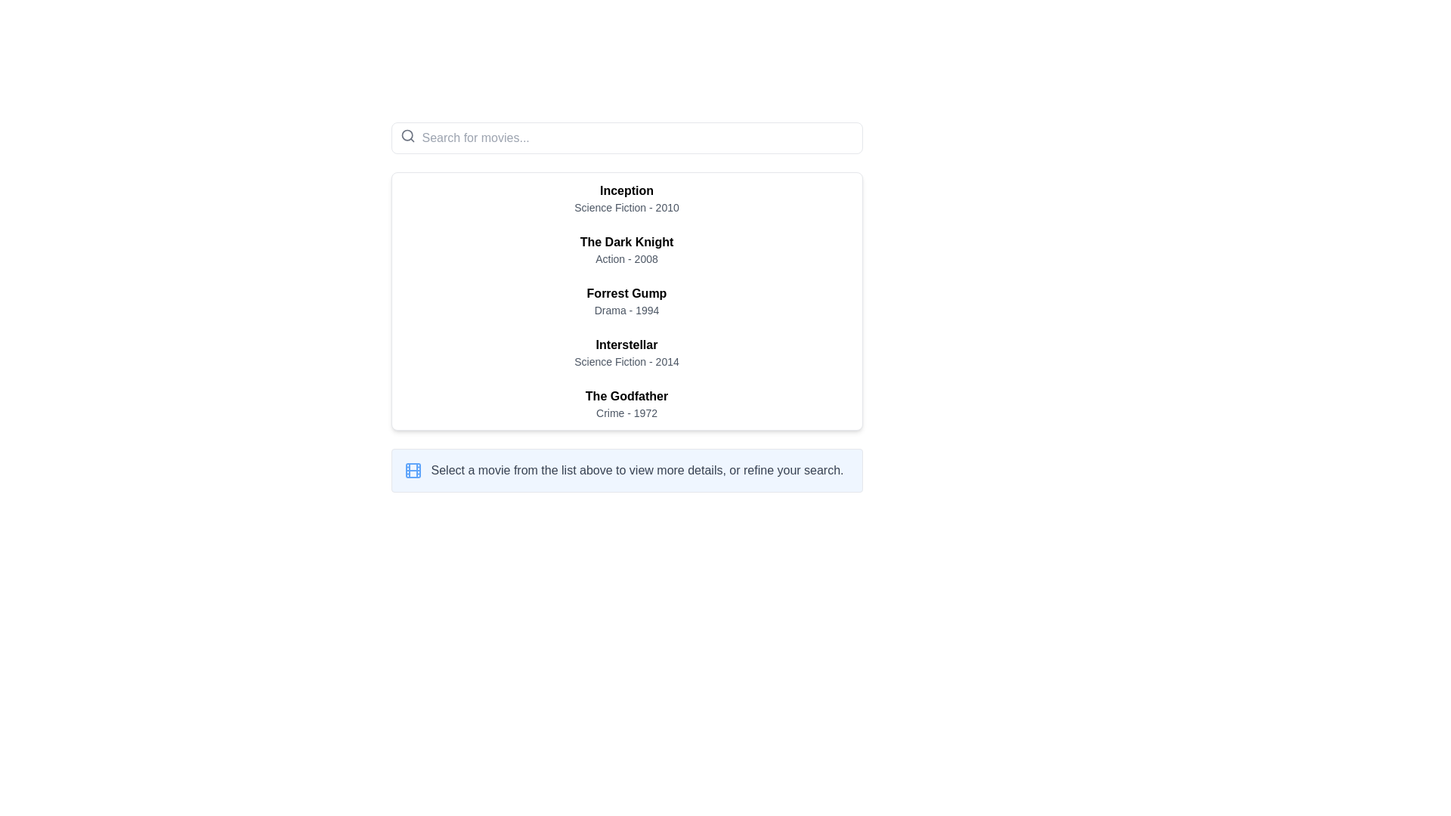 The height and width of the screenshot is (816, 1451). I want to click on the movie list item for 'Forrest Gump', which is the third entry in a vertical list of movie titles, so click(626, 301).